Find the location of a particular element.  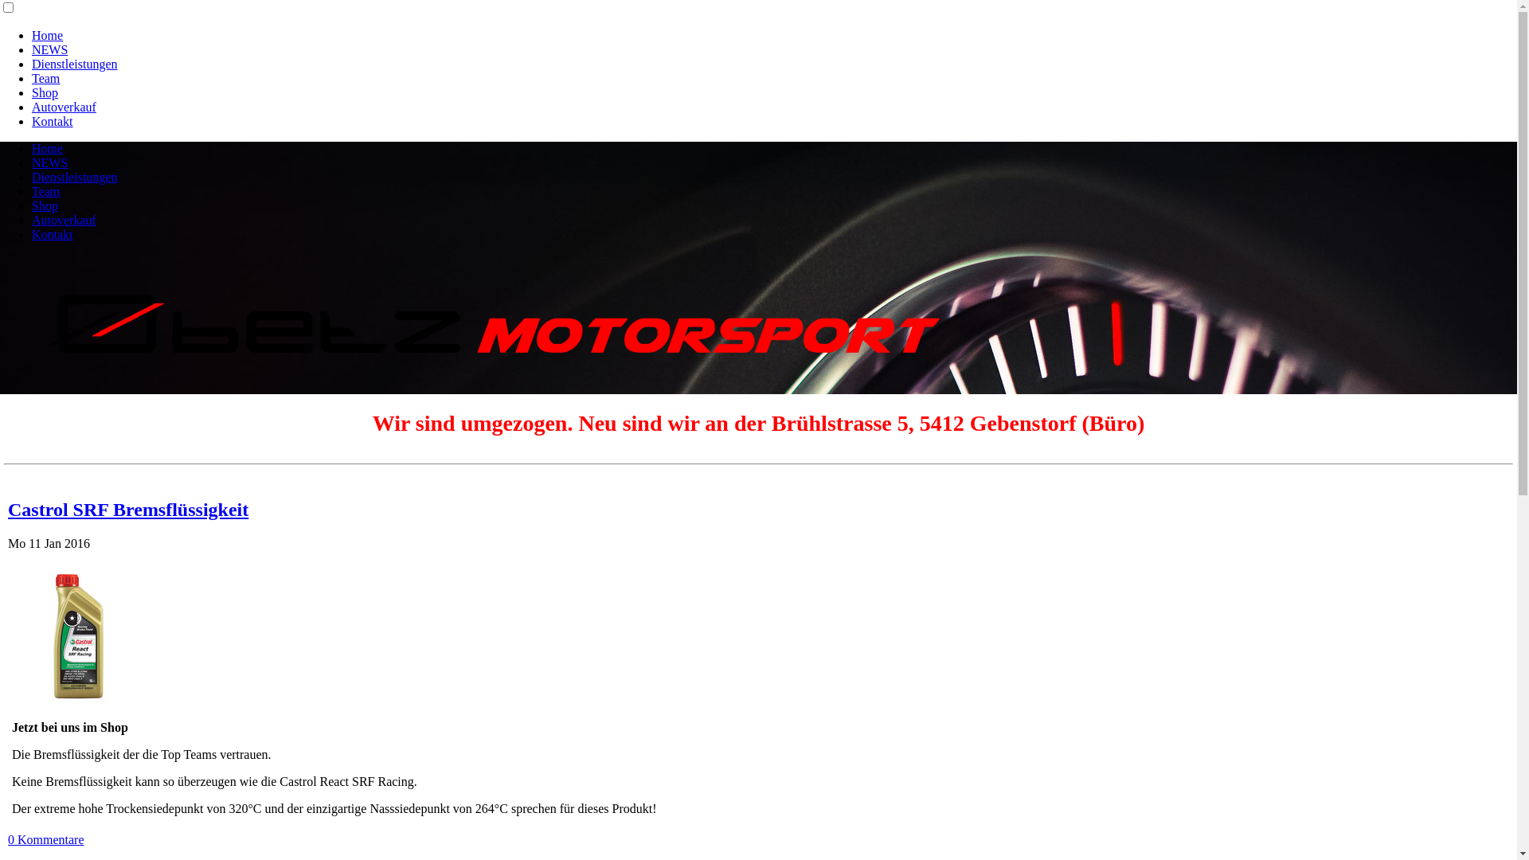

'Home' is located at coordinates (31, 148).